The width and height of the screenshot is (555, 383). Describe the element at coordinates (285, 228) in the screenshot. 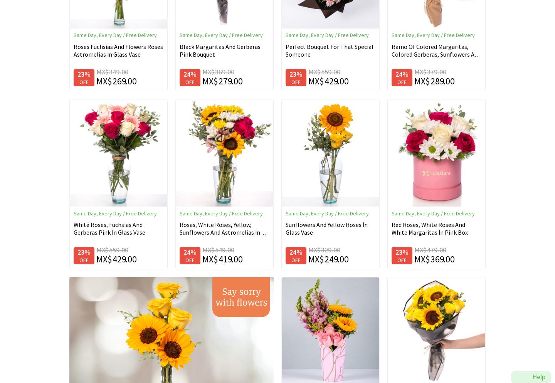

I see `'Sunflowers And Yellow Roses İn Glass Vase'` at that location.